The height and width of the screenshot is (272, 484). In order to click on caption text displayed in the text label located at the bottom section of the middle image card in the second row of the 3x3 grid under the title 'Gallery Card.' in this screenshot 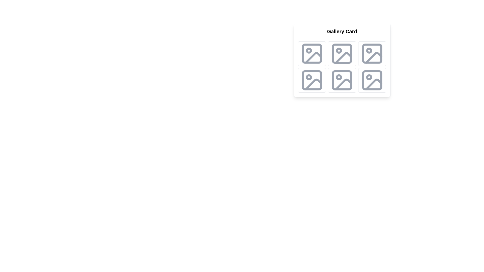, I will do `click(342, 89)`.